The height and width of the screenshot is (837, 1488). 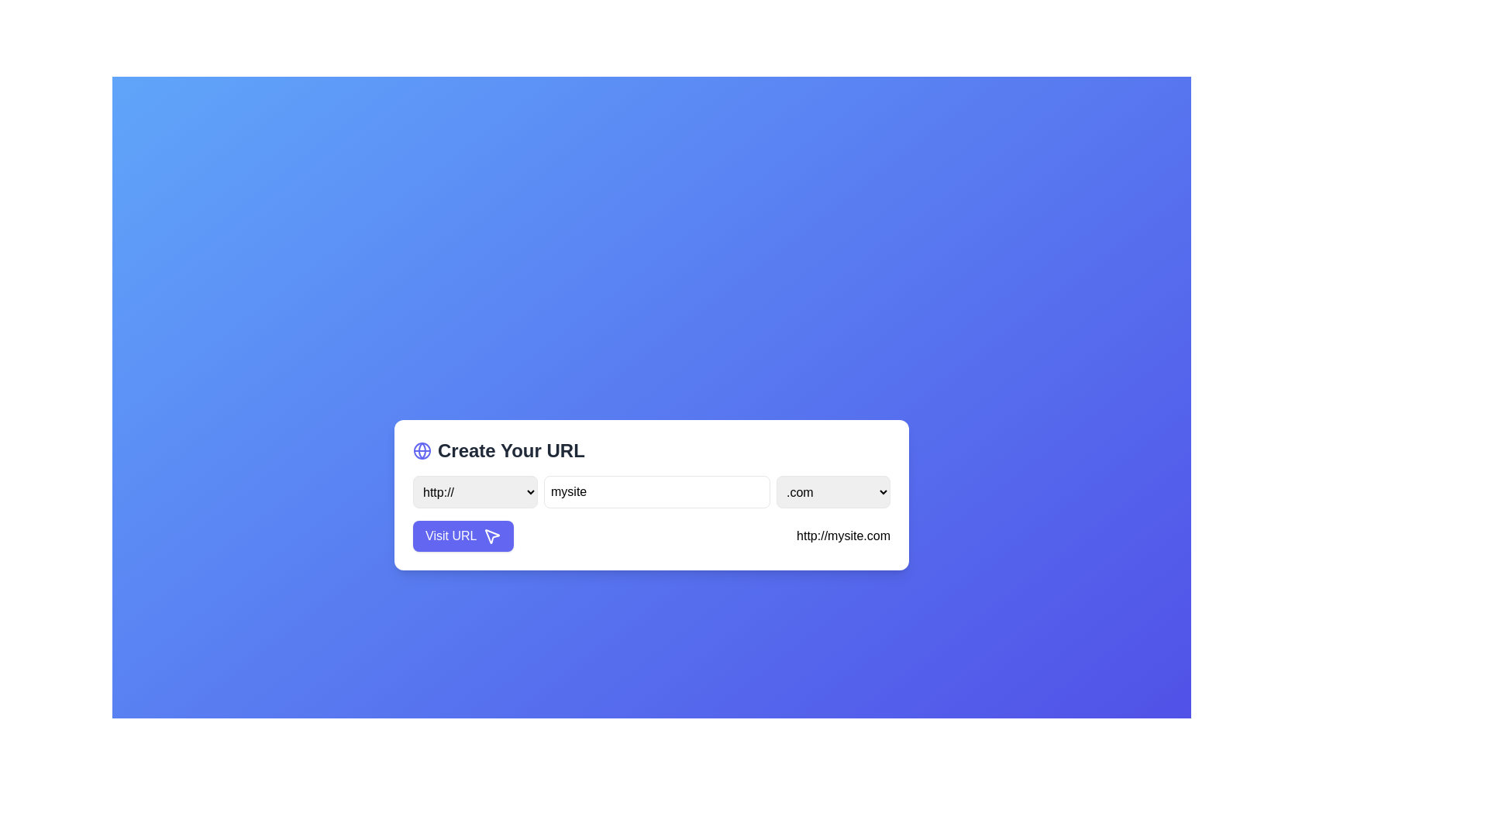 What do you see at coordinates (491, 536) in the screenshot?
I see `the decorative vector graphic icon located at the bottom-right of the 'Visit URL' button` at bounding box center [491, 536].